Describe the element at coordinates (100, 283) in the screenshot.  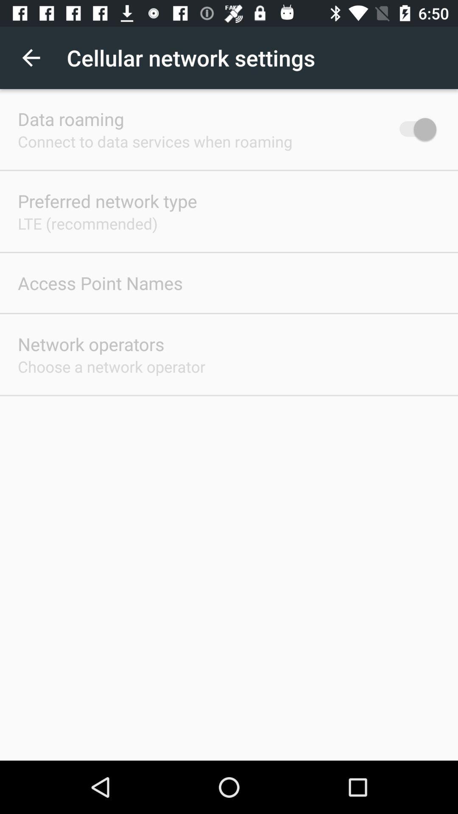
I see `the access point names app` at that location.